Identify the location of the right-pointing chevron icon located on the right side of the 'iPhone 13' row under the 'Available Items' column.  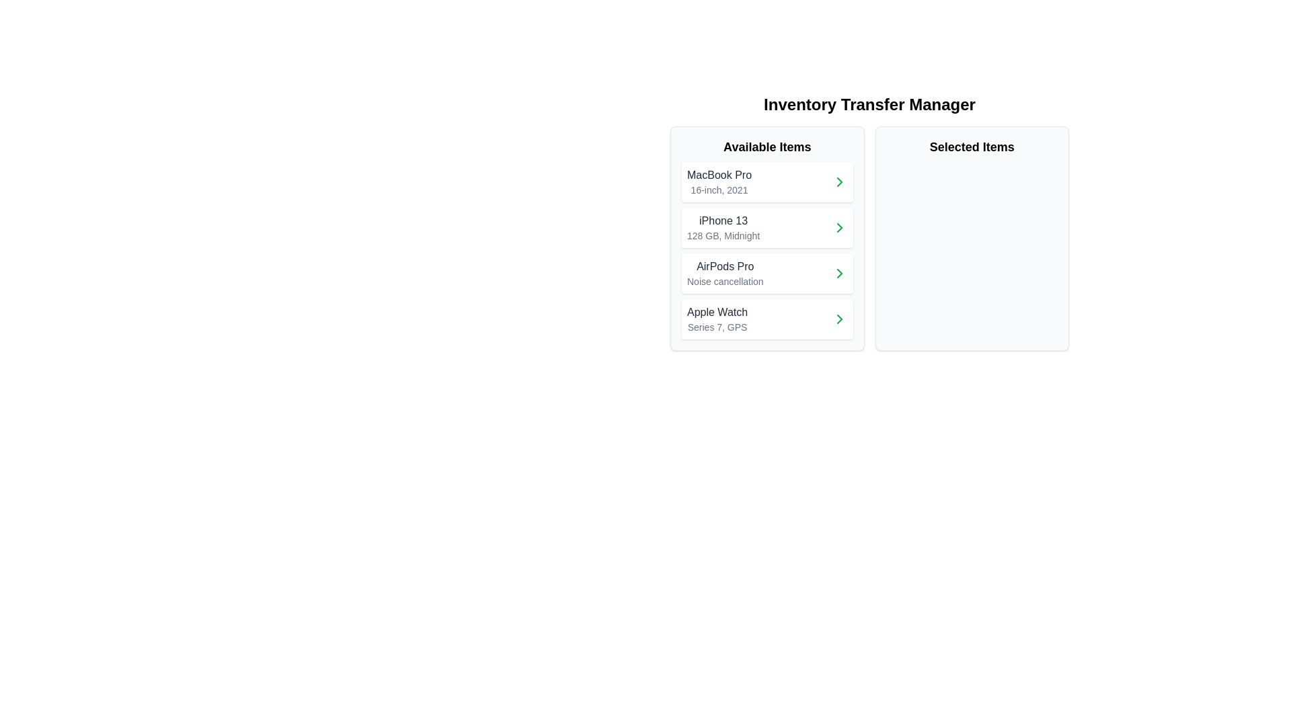
(838, 227).